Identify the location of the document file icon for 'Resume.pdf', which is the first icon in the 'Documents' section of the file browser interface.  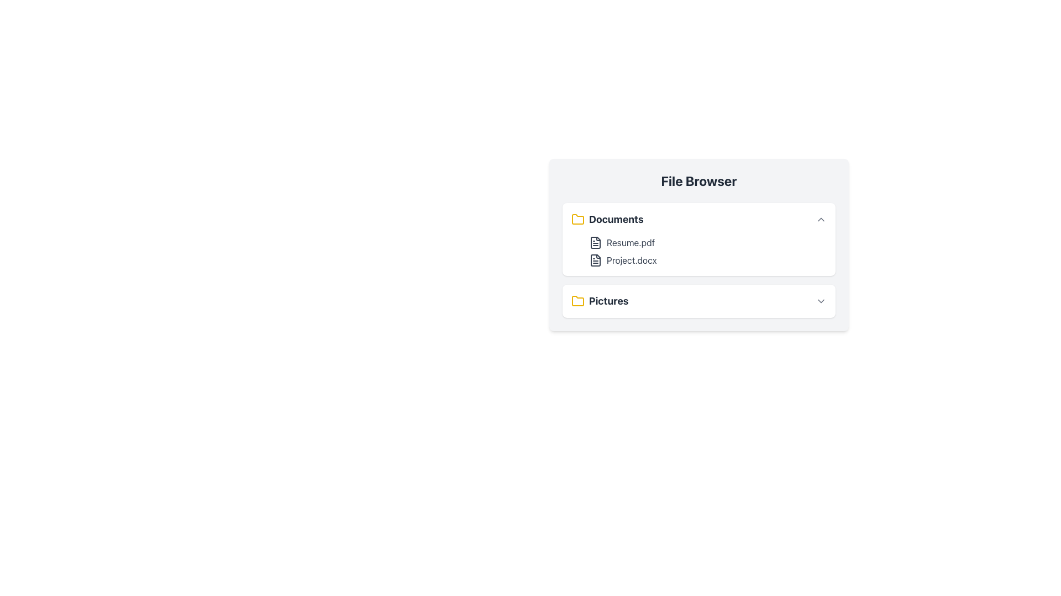
(595, 242).